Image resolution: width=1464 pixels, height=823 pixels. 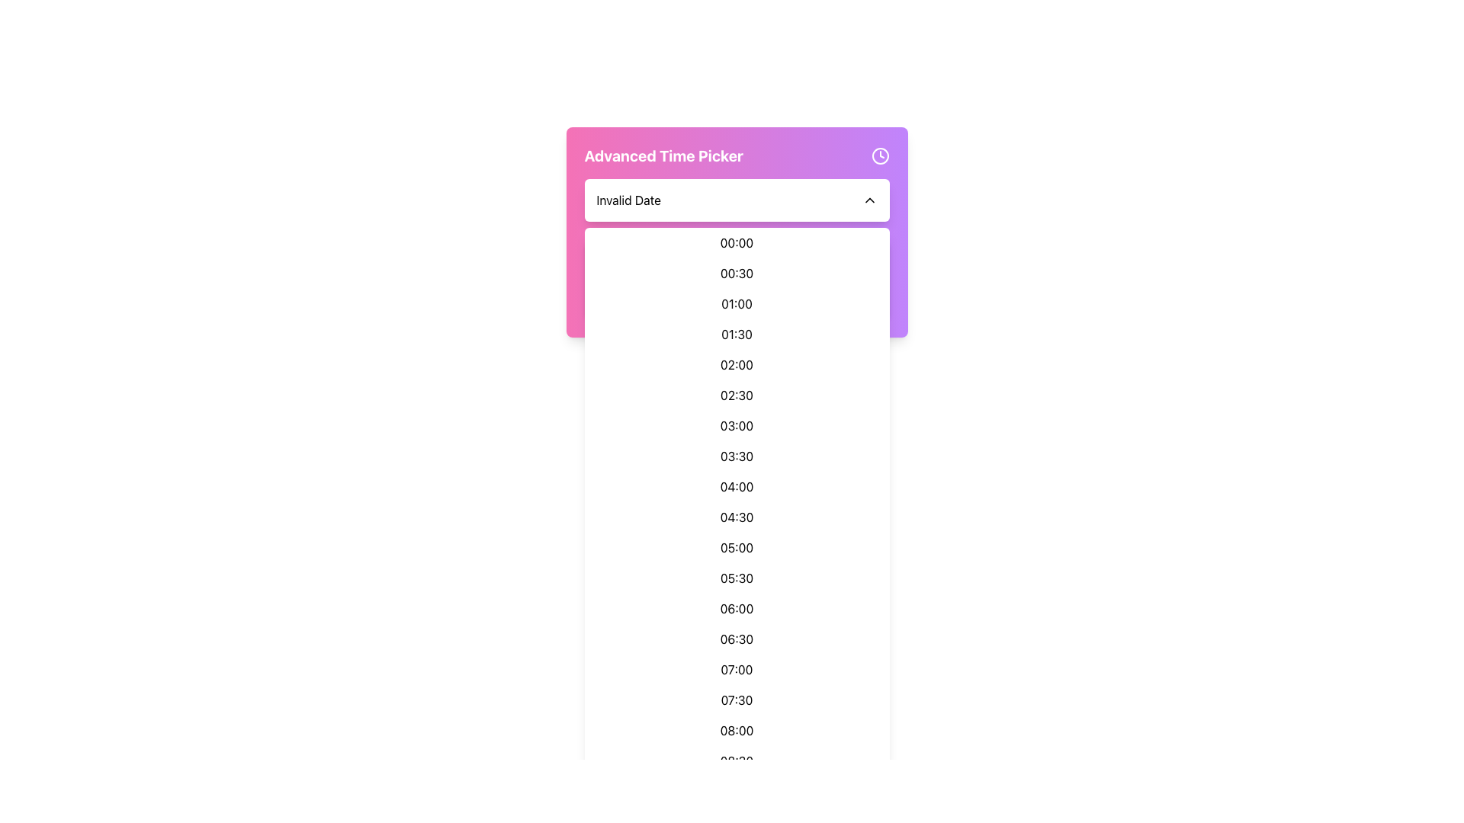 I want to click on the 'Time Analysis' text label, which is styled with bold and larger font, prominently displayed as a header above explanatory content, so click(x=737, y=261).